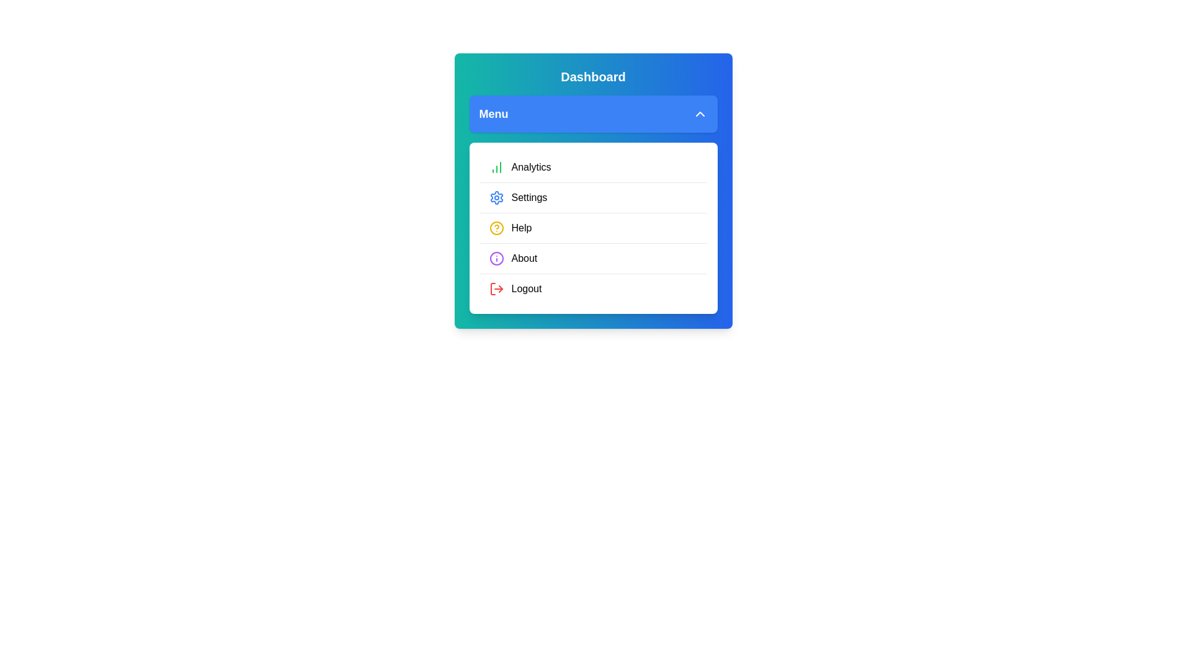 This screenshot has height=670, width=1191. I want to click on the 'About' text label in the dropdown menu, so click(524, 257).